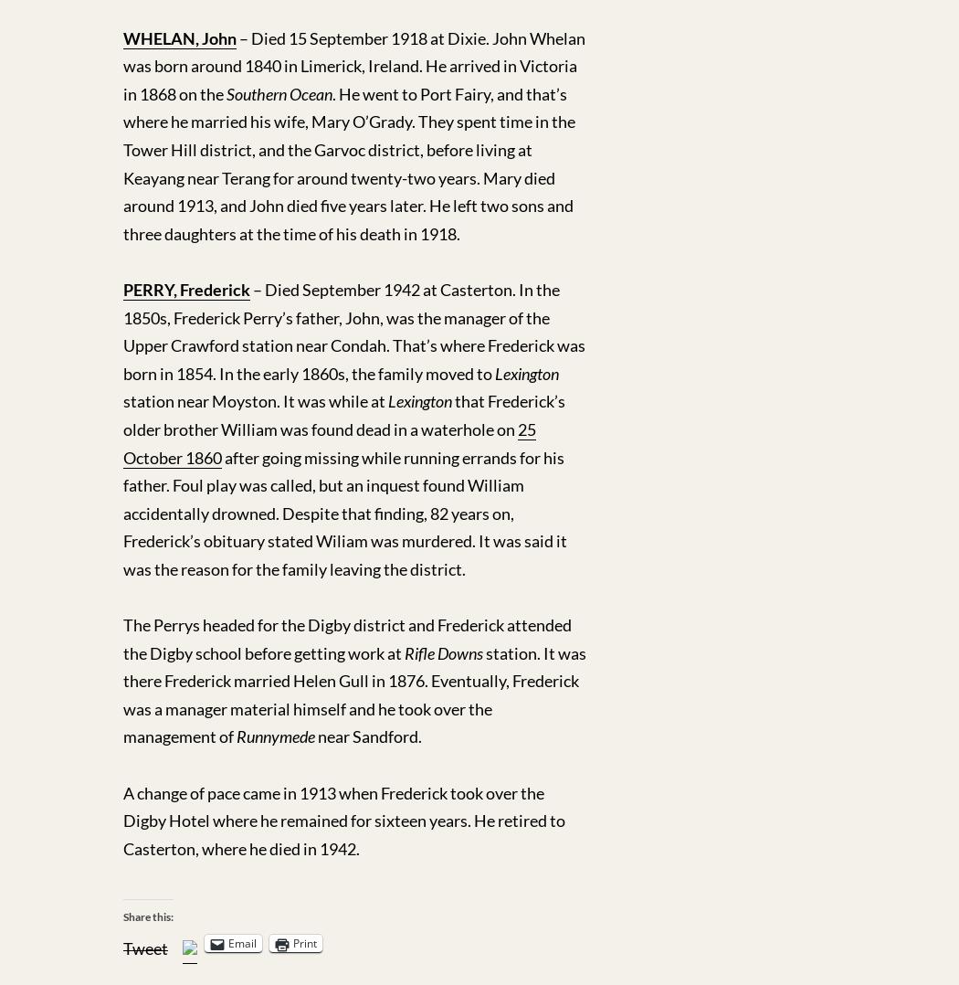  I want to click on 'station near Moyston. It was while at', so click(122, 400).